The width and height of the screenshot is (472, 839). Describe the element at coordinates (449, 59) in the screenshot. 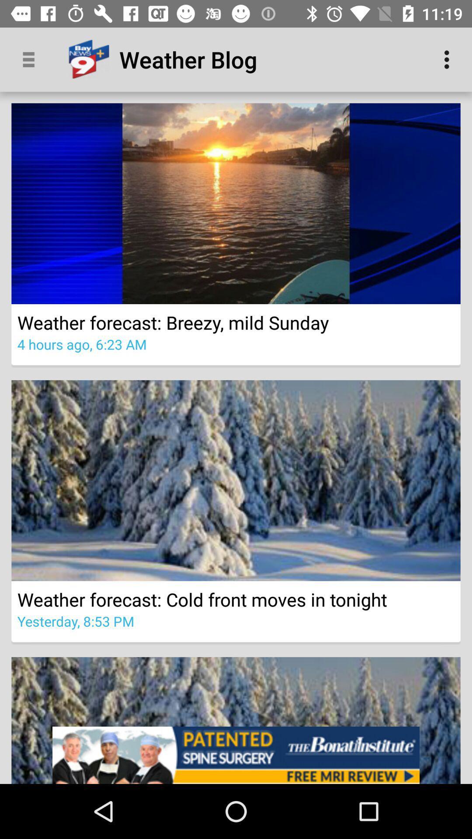

I see `the icon to the right of weather blog` at that location.